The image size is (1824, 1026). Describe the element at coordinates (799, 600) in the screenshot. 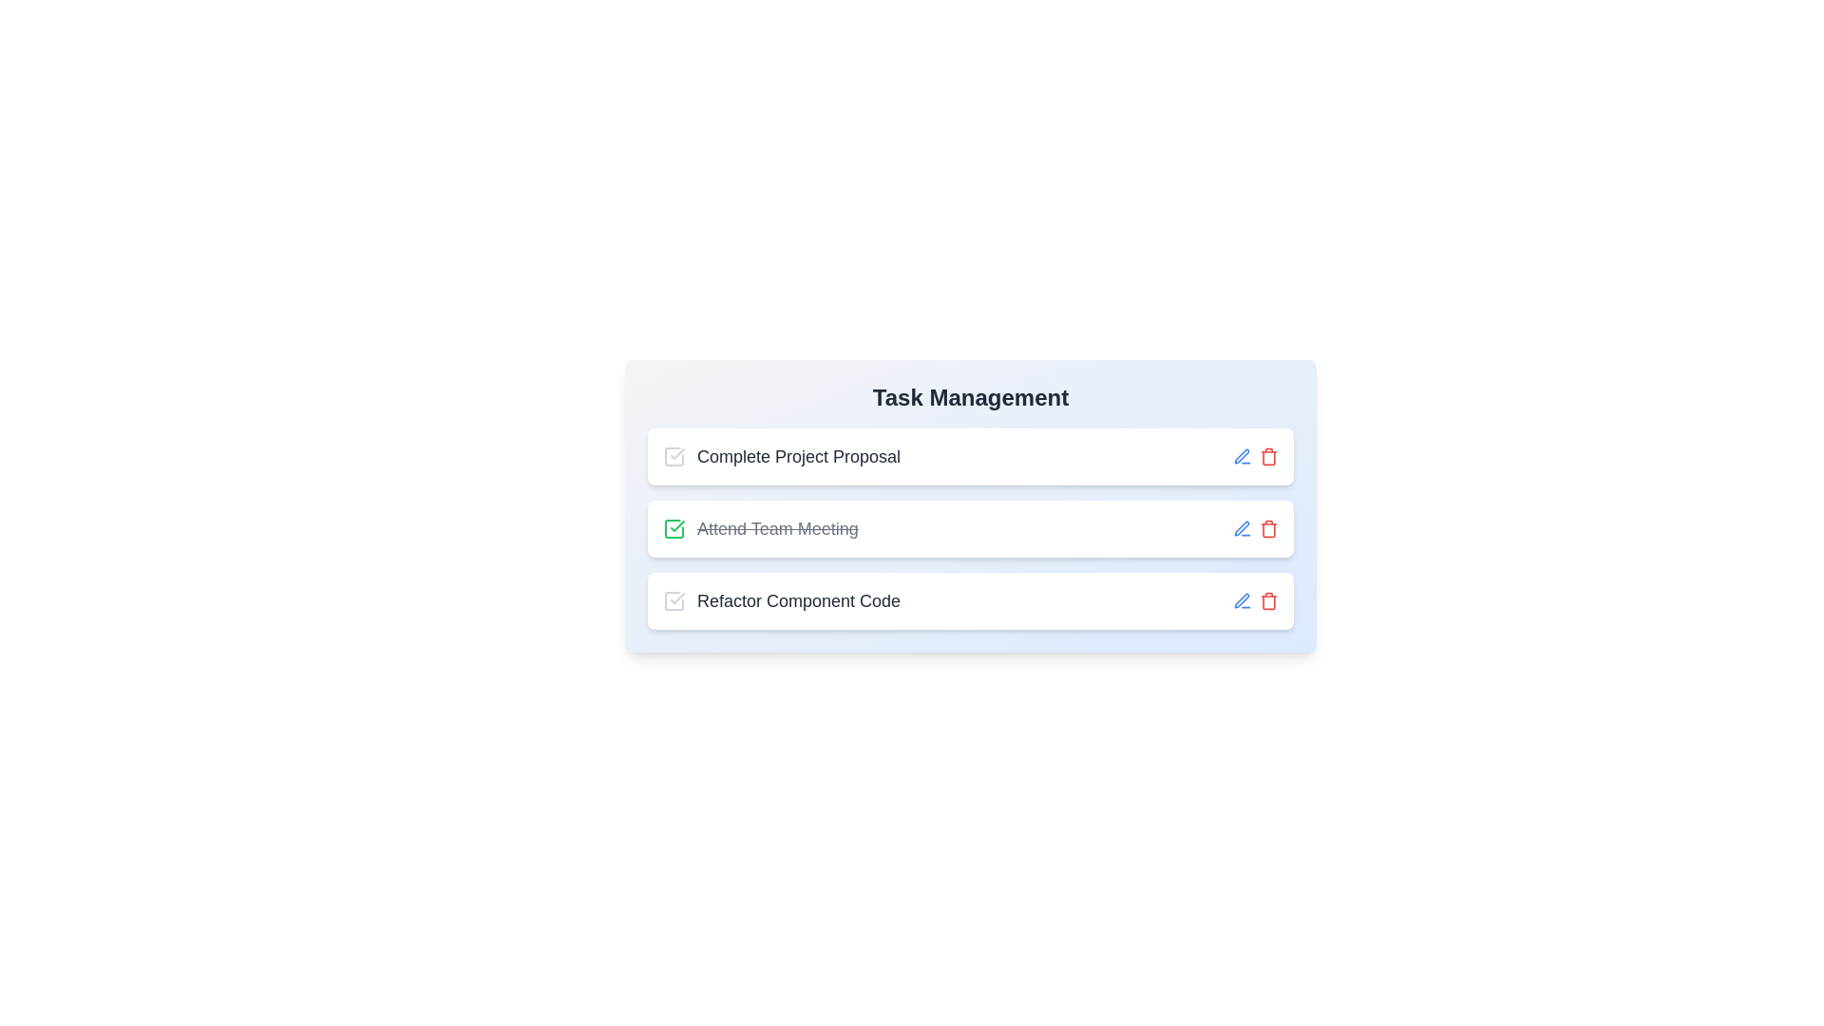

I see `the static text label that displays the title or description of the last task item in the task management list, located adjacent to a checkbox on the left and icons on the right` at that location.